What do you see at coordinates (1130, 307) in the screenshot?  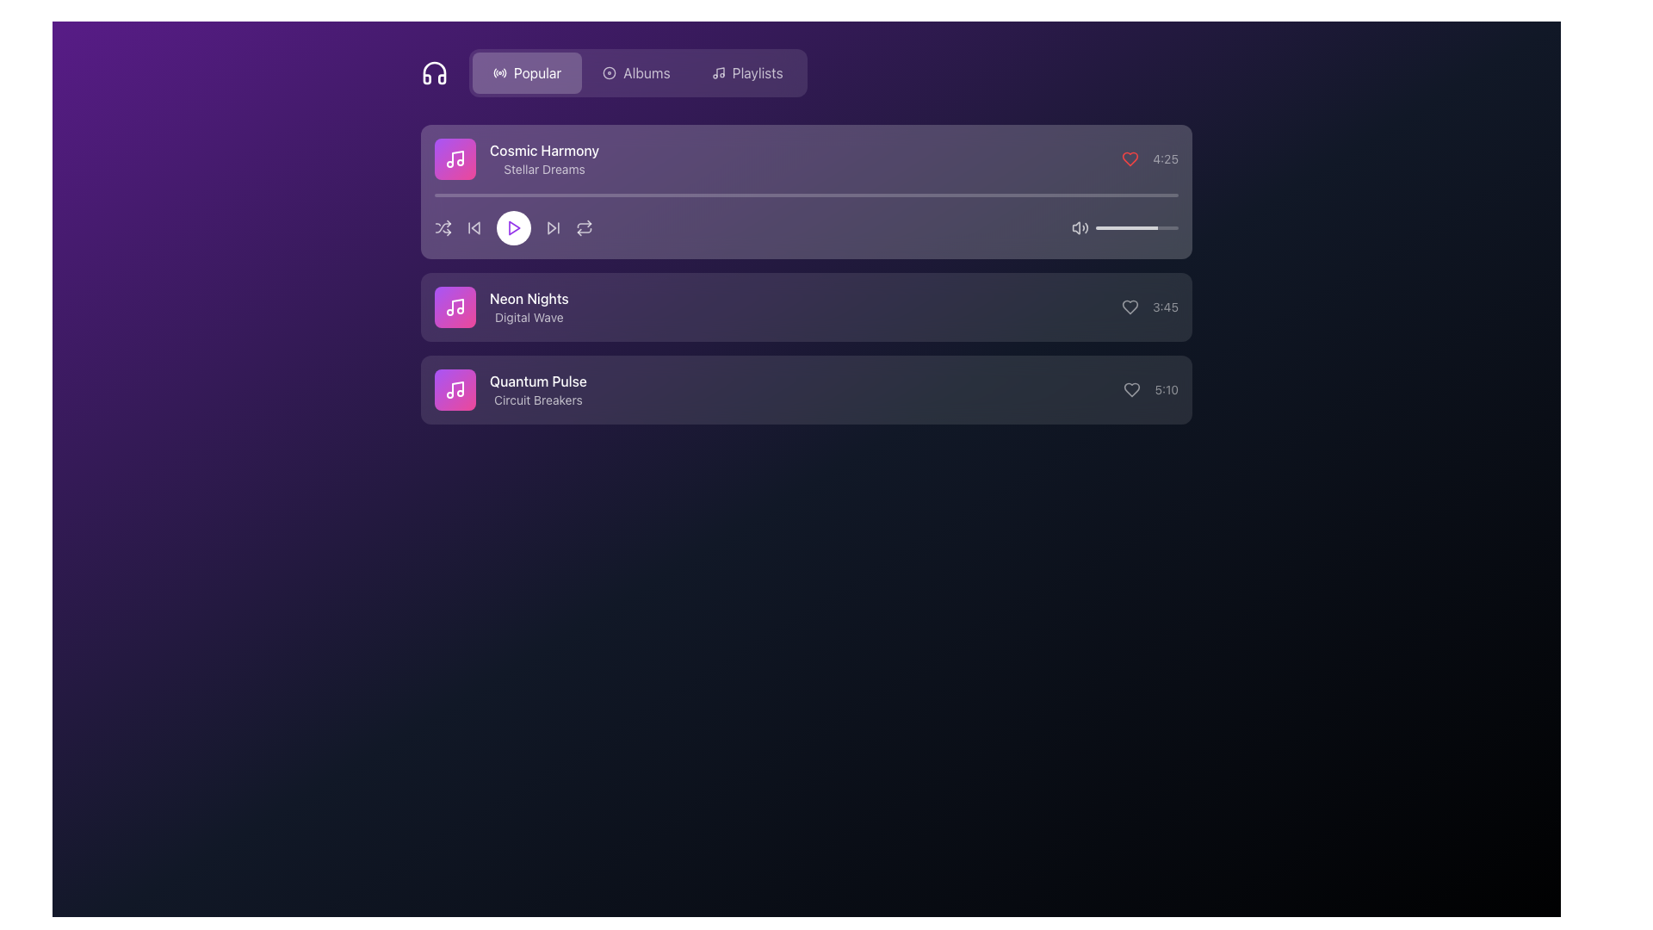 I see `the SVG icon that serves as the 'like' or 'favorite' button, positioned to the right of the time duration label` at bounding box center [1130, 307].